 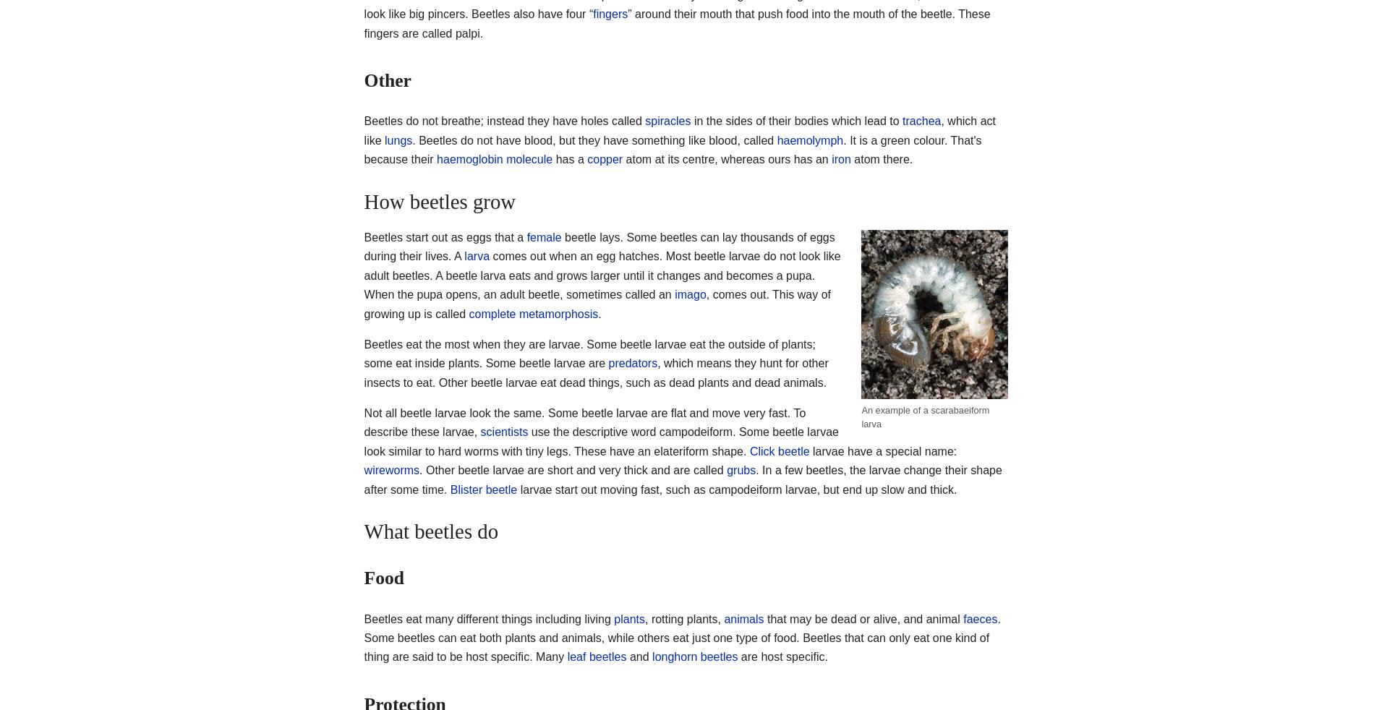 What do you see at coordinates (736, 488) in the screenshot?
I see `'larvae start out moving fast, such as campodeiform larvae, but end up slow and thick.'` at bounding box center [736, 488].